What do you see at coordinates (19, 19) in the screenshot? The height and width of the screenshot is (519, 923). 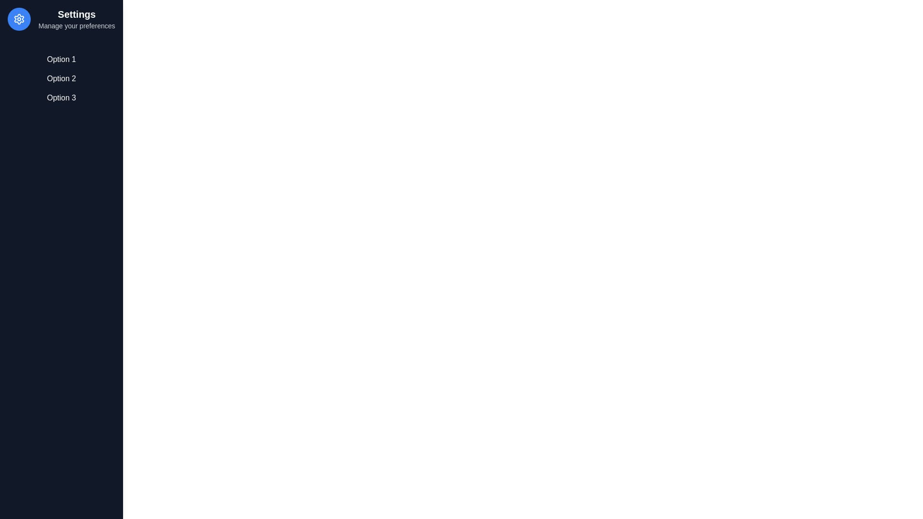 I see `the settings button located at the top left corner of the interface` at bounding box center [19, 19].